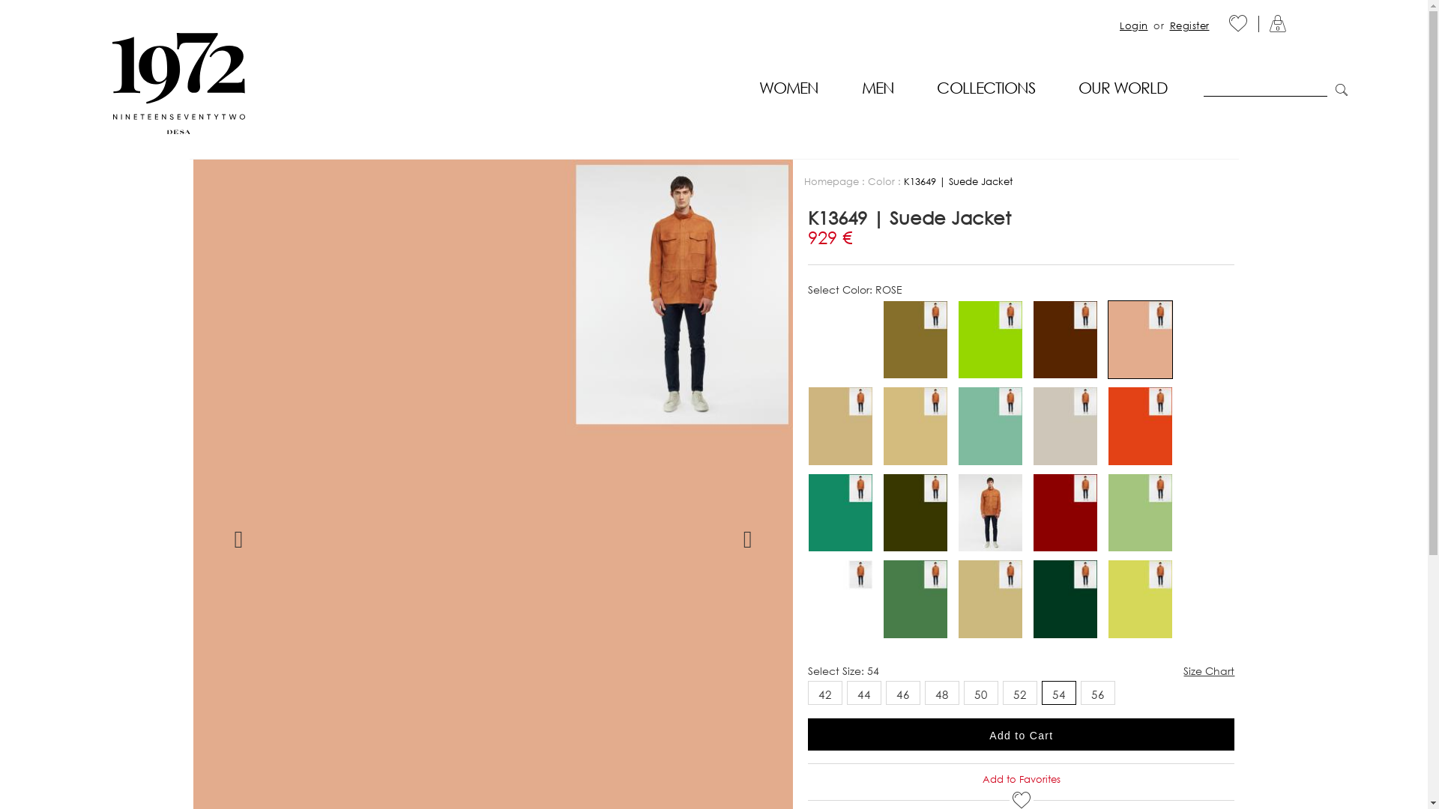 The width and height of the screenshot is (1439, 809). Describe the element at coordinates (830, 181) in the screenshot. I see `'Homepage'` at that location.